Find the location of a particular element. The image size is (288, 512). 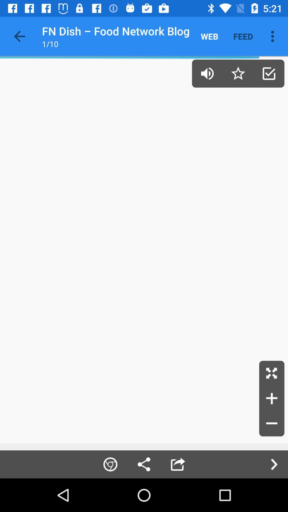

the star icon is located at coordinates (238, 73).